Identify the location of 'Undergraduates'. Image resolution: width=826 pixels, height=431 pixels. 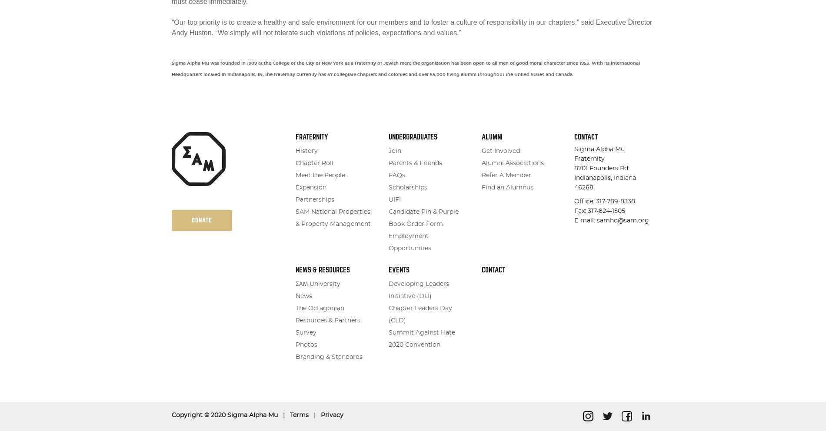
(412, 137).